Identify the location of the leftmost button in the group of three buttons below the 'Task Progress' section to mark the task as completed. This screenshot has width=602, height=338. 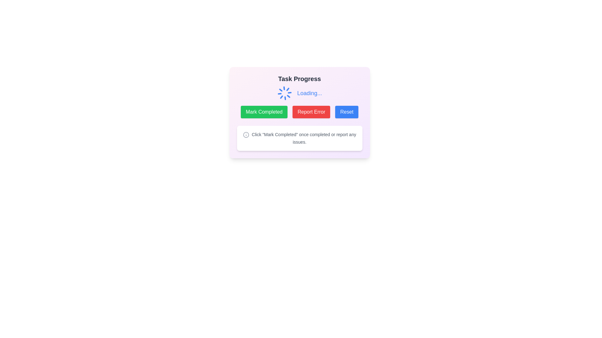
(264, 112).